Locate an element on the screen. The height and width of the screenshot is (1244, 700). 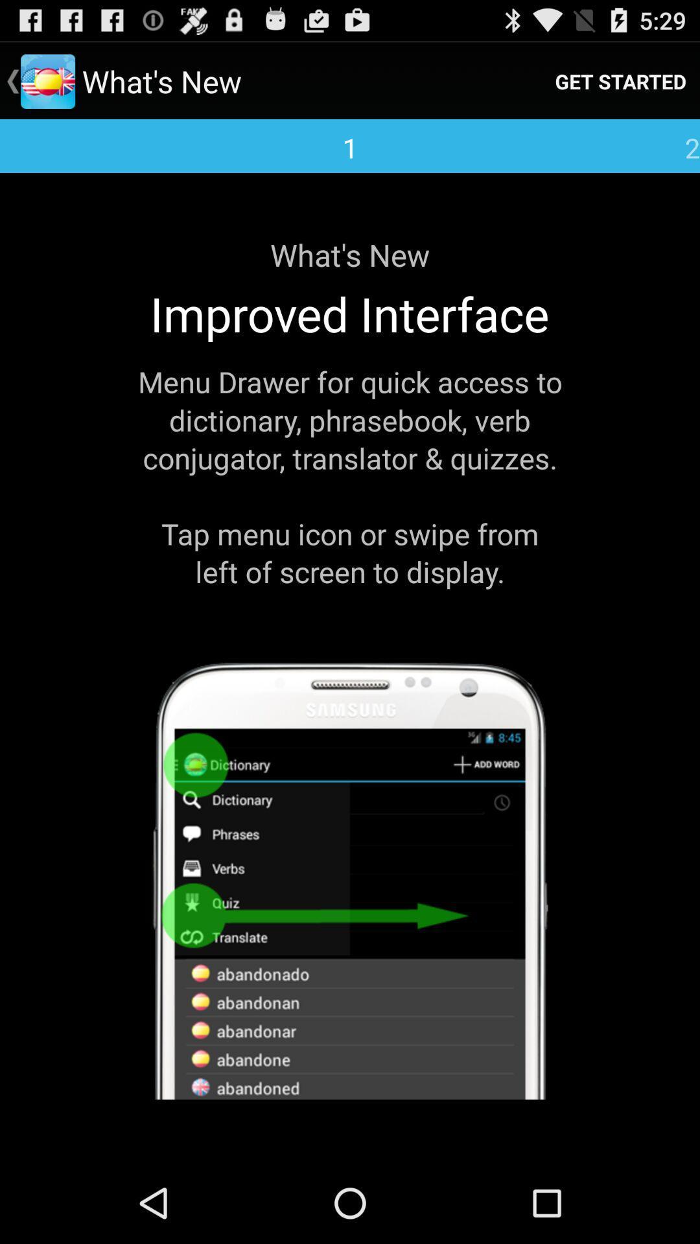
the app to the right of 1 app is located at coordinates (620, 80).